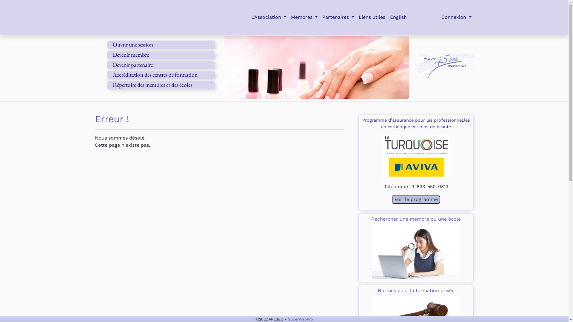 Image resolution: width=573 pixels, height=322 pixels. I want to click on 'Devenir membre', so click(130, 55).